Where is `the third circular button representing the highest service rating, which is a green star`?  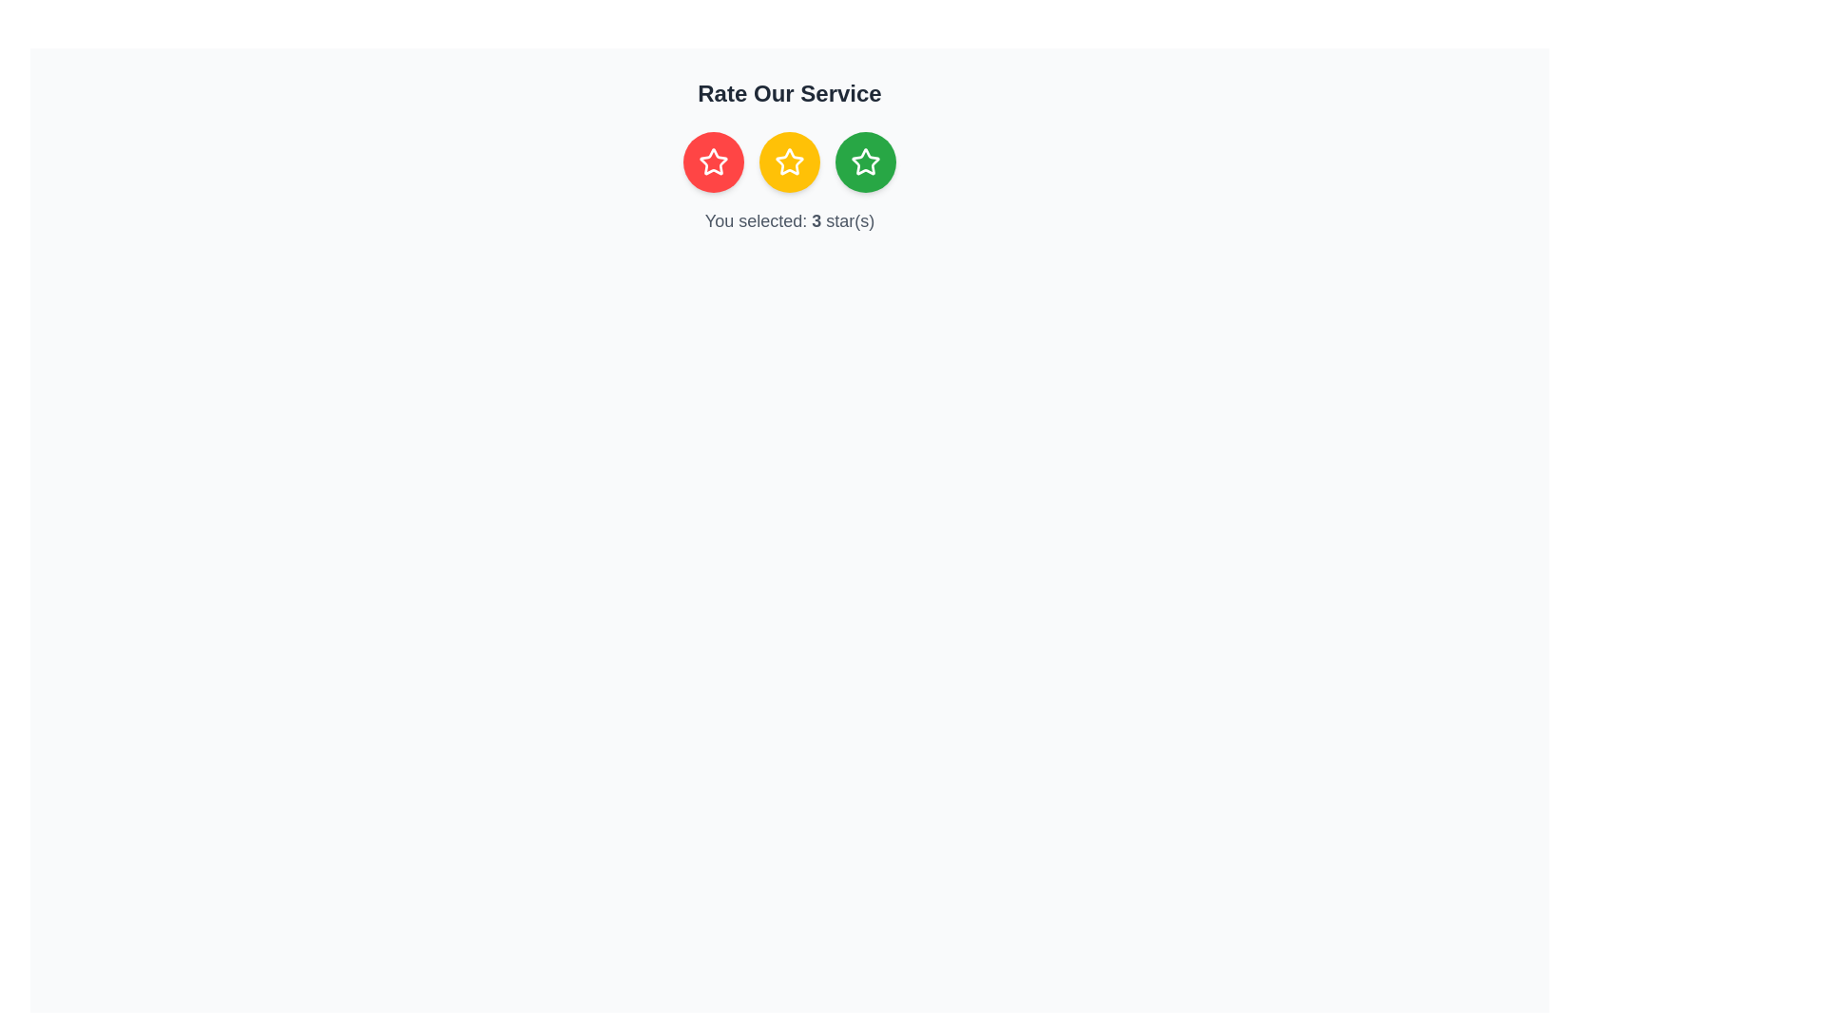 the third circular button representing the highest service rating, which is a green star is located at coordinates (865, 161).